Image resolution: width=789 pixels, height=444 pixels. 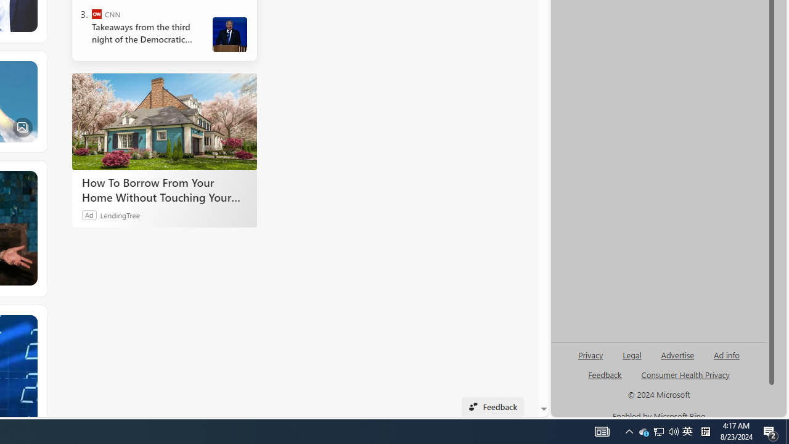 What do you see at coordinates (120, 214) in the screenshot?
I see `'LendingTree'` at bounding box center [120, 214].